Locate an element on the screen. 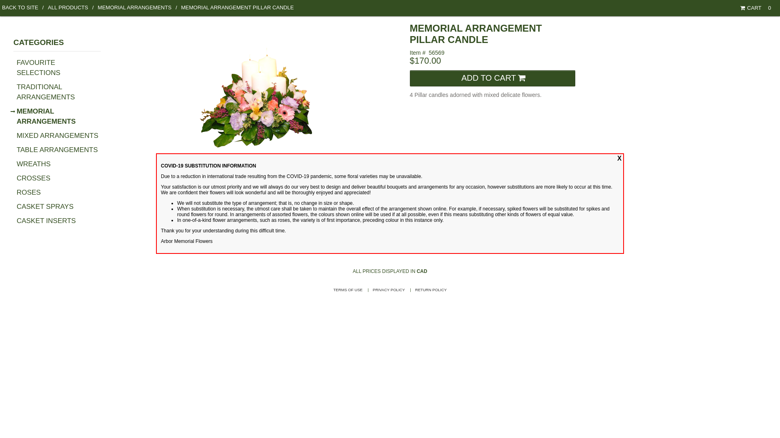 This screenshot has width=780, height=438. 'RETURN POLICY' is located at coordinates (415, 289).